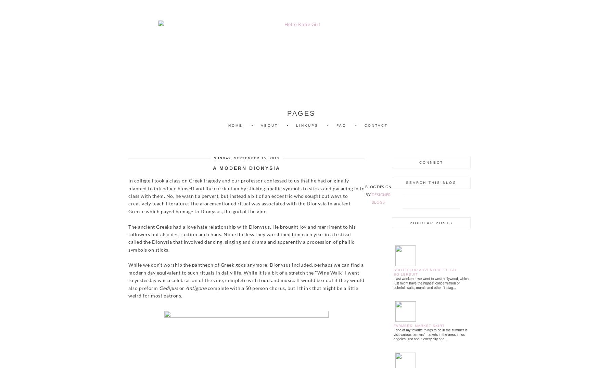 Image resolution: width=599 pixels, height=368 pixels. Describe the element at coordinates (260, 125) in the screenshot. I see `'About'` at that location.